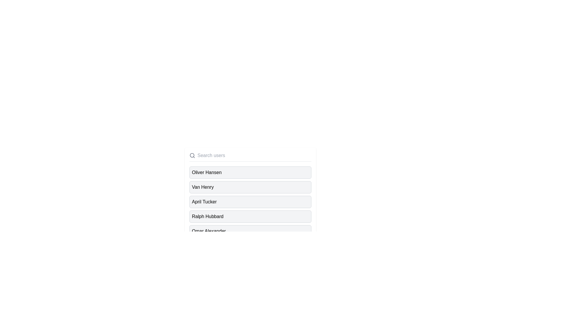 The width and height of the screenshot is (563, 317). I want to click on the gray, rectangular button-styled component labeled 'Ralph Hubbard', so click(250, 216).